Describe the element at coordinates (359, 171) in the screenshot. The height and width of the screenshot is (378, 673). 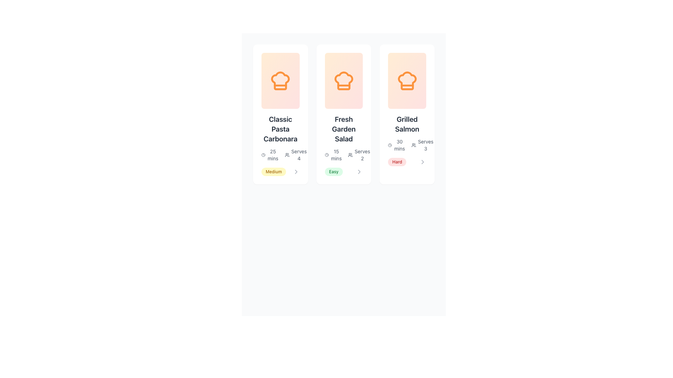
I see `the chevron icon located in the bottom-right corner of the 'Fresh Garden Salad' card to change its color` at that location.